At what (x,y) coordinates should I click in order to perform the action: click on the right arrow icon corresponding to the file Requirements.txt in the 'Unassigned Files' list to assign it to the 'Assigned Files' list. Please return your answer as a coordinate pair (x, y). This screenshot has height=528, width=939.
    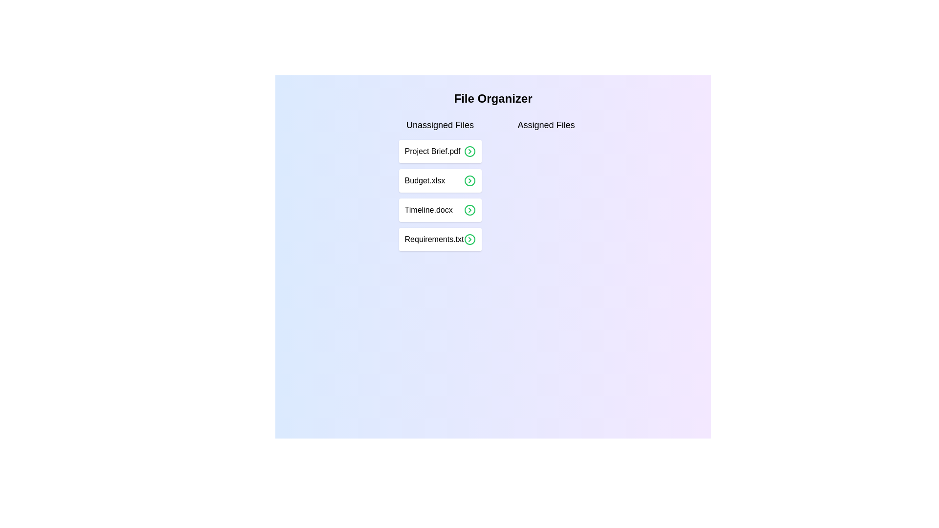
    Looking at the image, I should click on (469, 239).